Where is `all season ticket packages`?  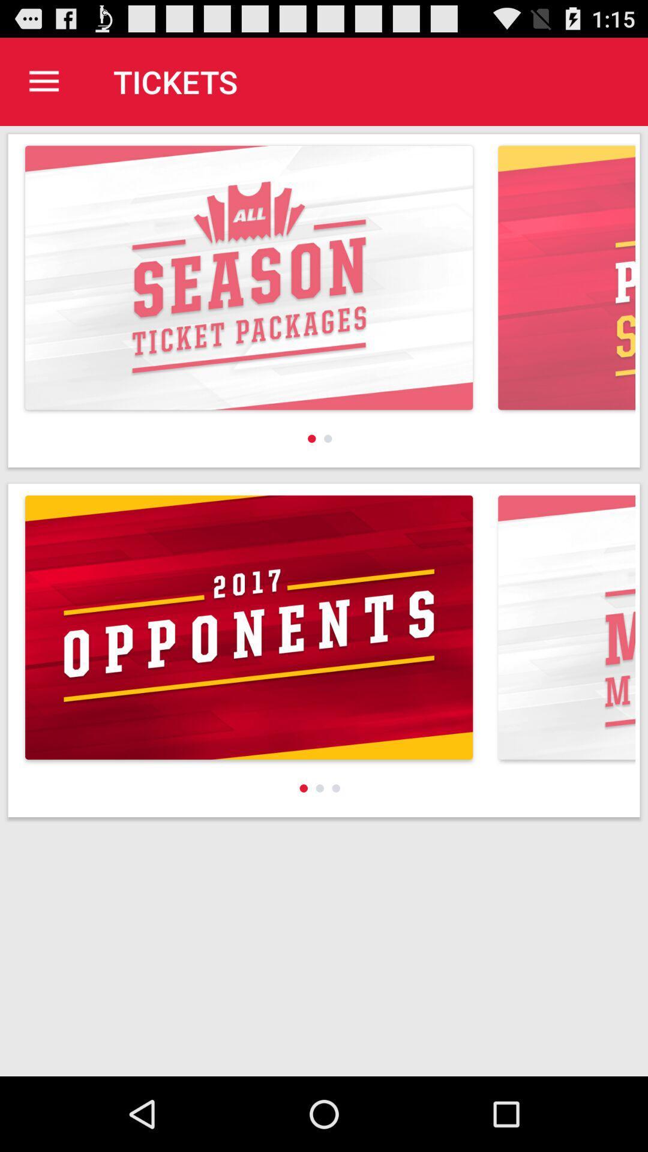 all season ticket packages is located at coordinates (248, 277).